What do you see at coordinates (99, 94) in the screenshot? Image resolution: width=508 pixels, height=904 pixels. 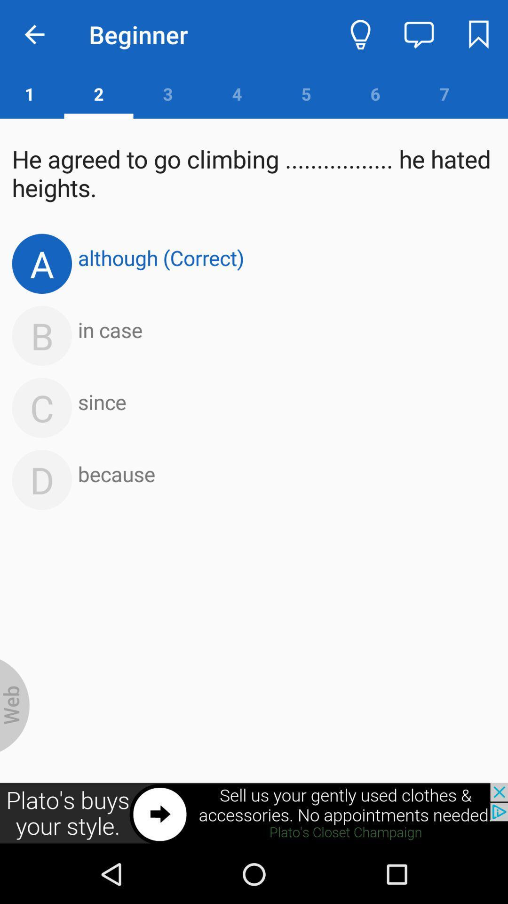 I see `the number 2 which is below beginner` at bounding box center [99, 94].